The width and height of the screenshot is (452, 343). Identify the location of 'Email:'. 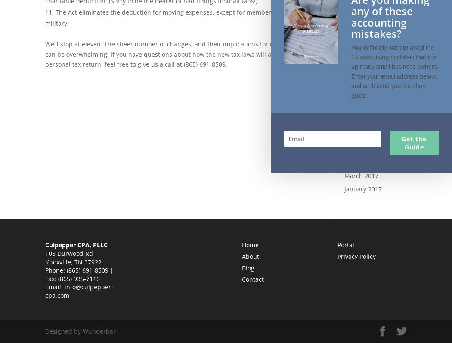
(54, 286).